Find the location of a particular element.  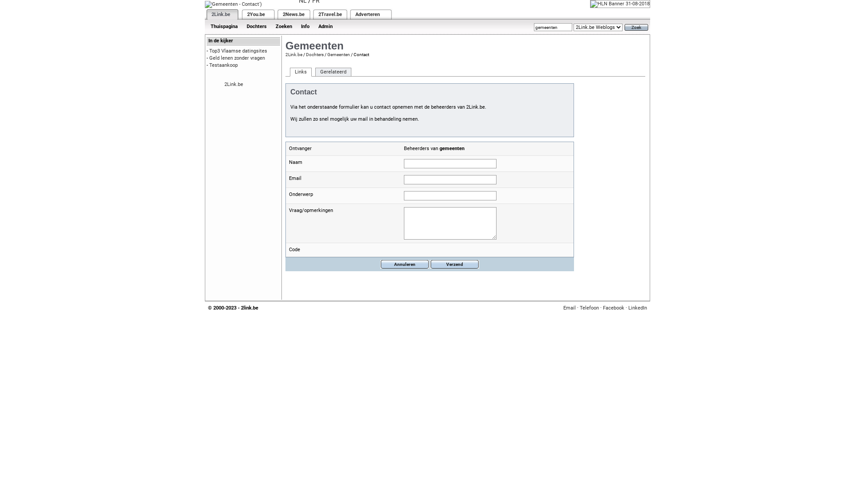

'Geld lenen zonder vragen' is located at coordinates (237, 58).